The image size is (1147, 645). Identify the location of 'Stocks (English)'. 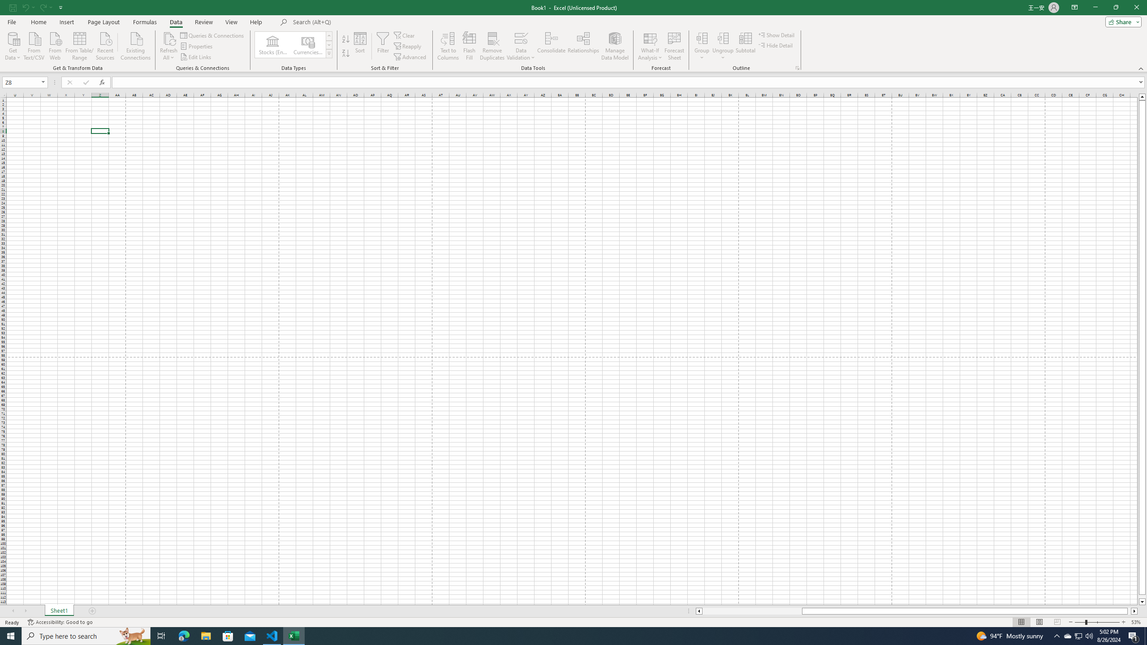
(272, 44).